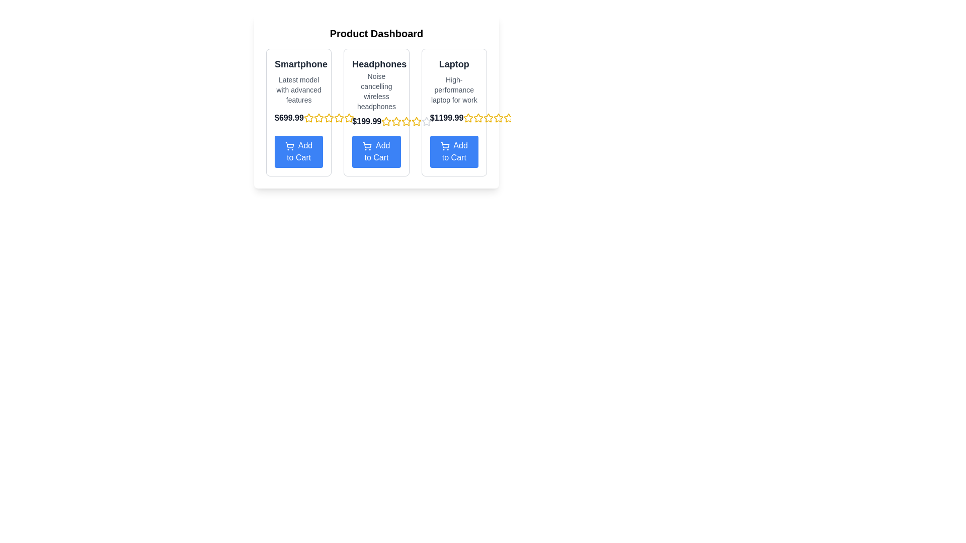 The height and width of the screenshot is (543, 966). Describe the element at coordinates (376, 151) in the screenshot. I see `the blue 'Add to Cart' button with rounded corners and a shopping cart icon` at that location.